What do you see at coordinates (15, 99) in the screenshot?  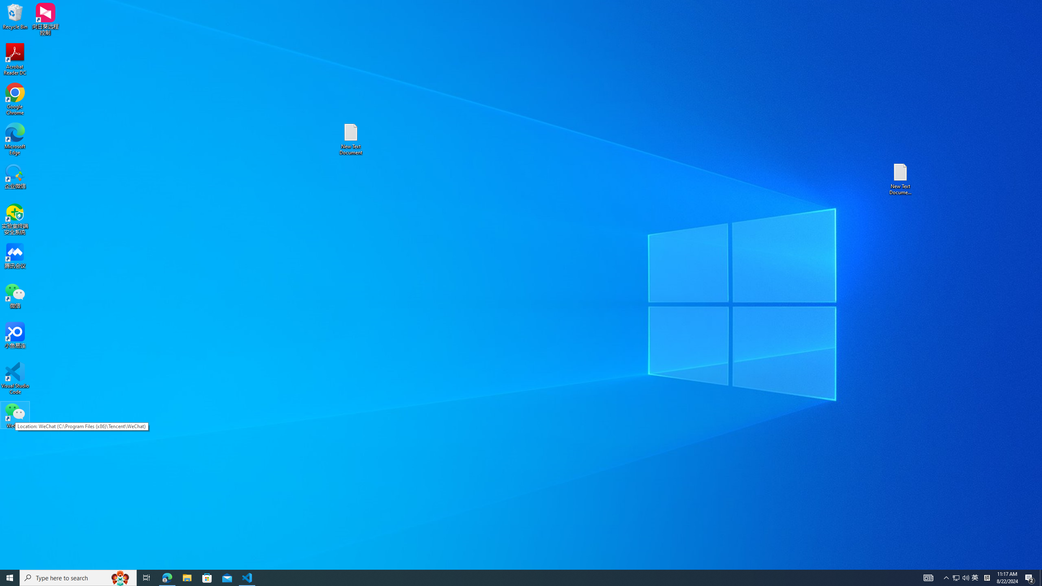 I see `'Google Chrome'` at bounding box center [15, 99].